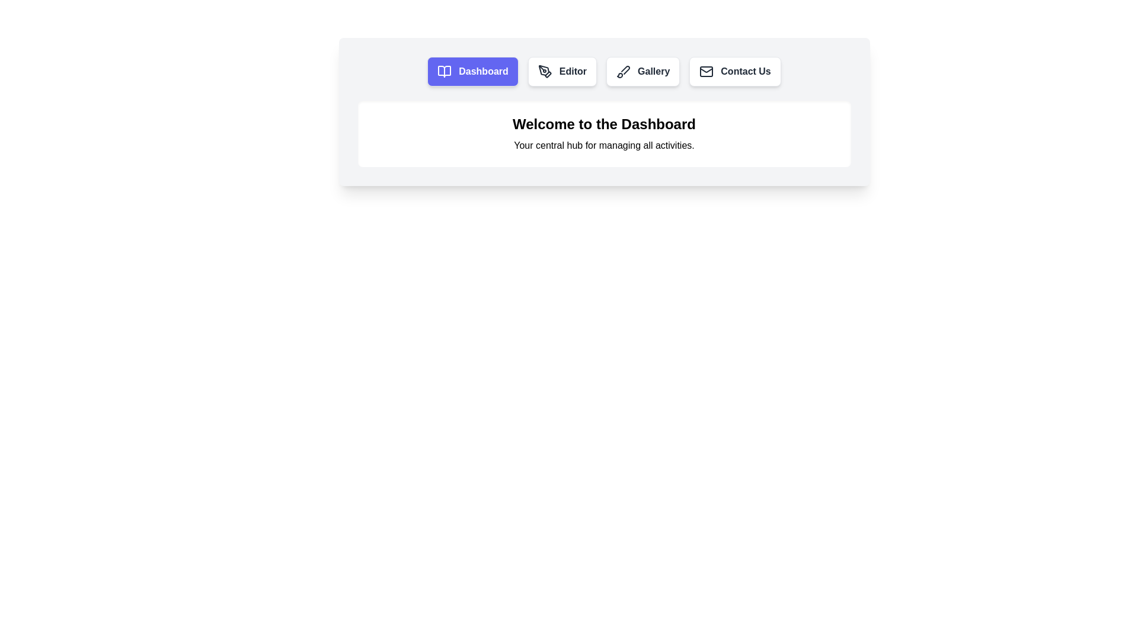  Describe the element at coordinates (653, 71) in the screenshot. I see `text label 'Gallery' located in the navigation bar, which is the third button from the left, between 'Editor' and 'Contact Us'` at that location.